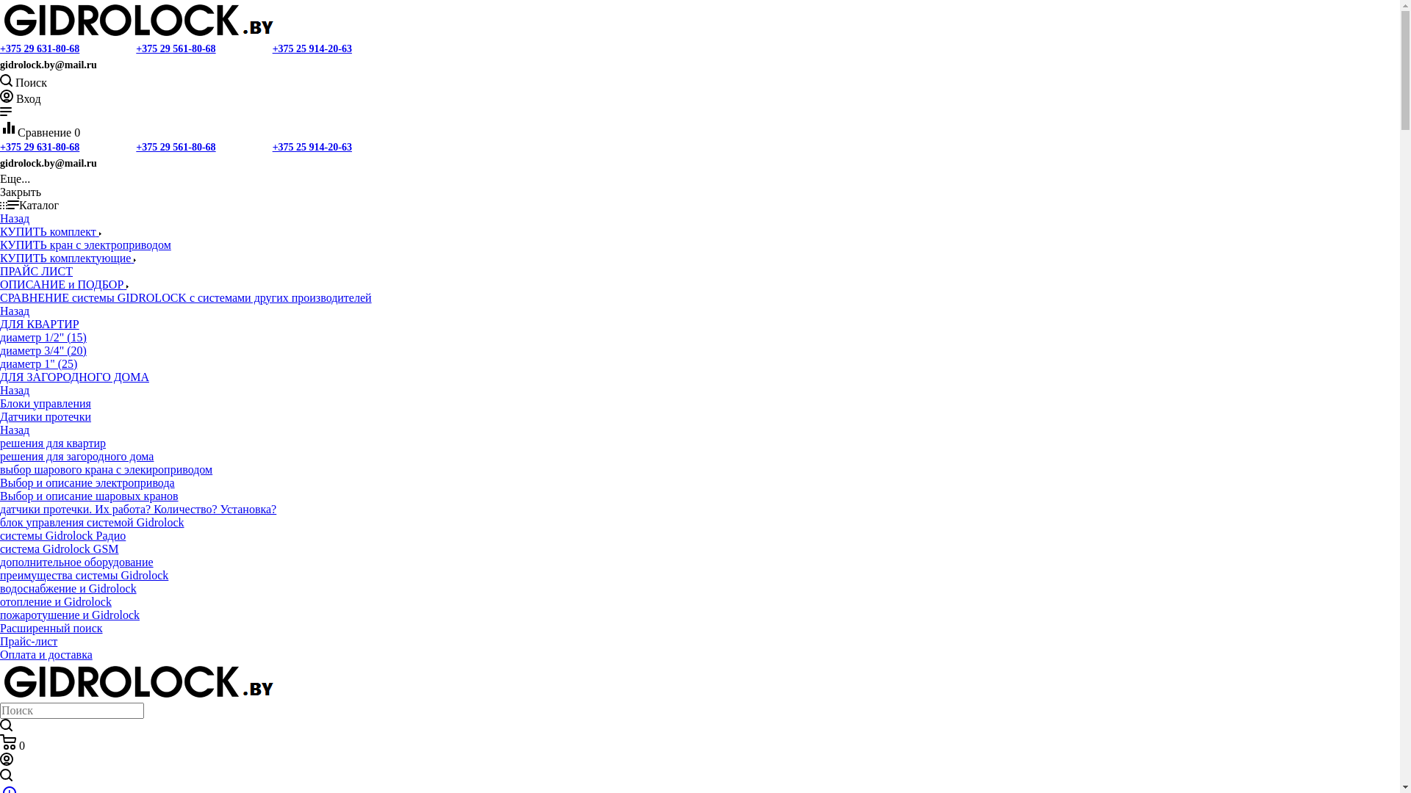  I want to click on 'Gidrolock.by', so click(138, 682).